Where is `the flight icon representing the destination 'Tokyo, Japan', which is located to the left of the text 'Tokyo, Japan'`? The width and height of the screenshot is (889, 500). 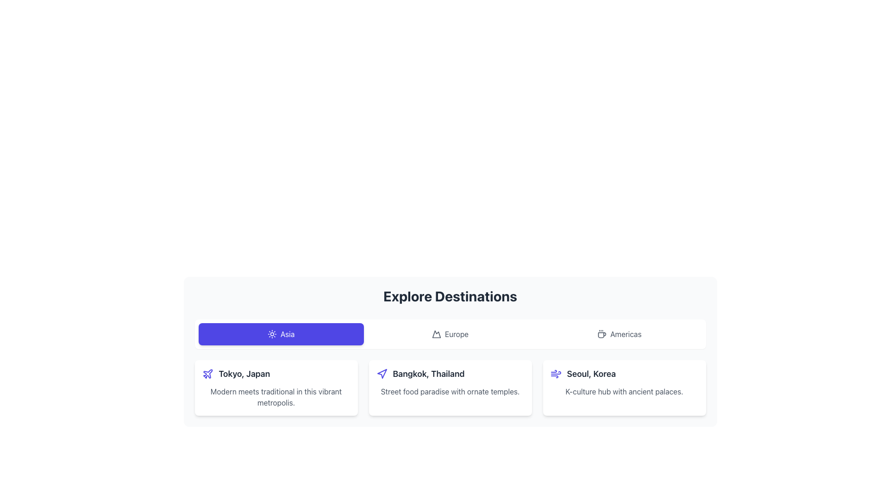
the flight icon representing the destination 'Tokyo, Japan', which is located to the left of the text 'Tokyo, Japan' is located at coordinates (207, 373).